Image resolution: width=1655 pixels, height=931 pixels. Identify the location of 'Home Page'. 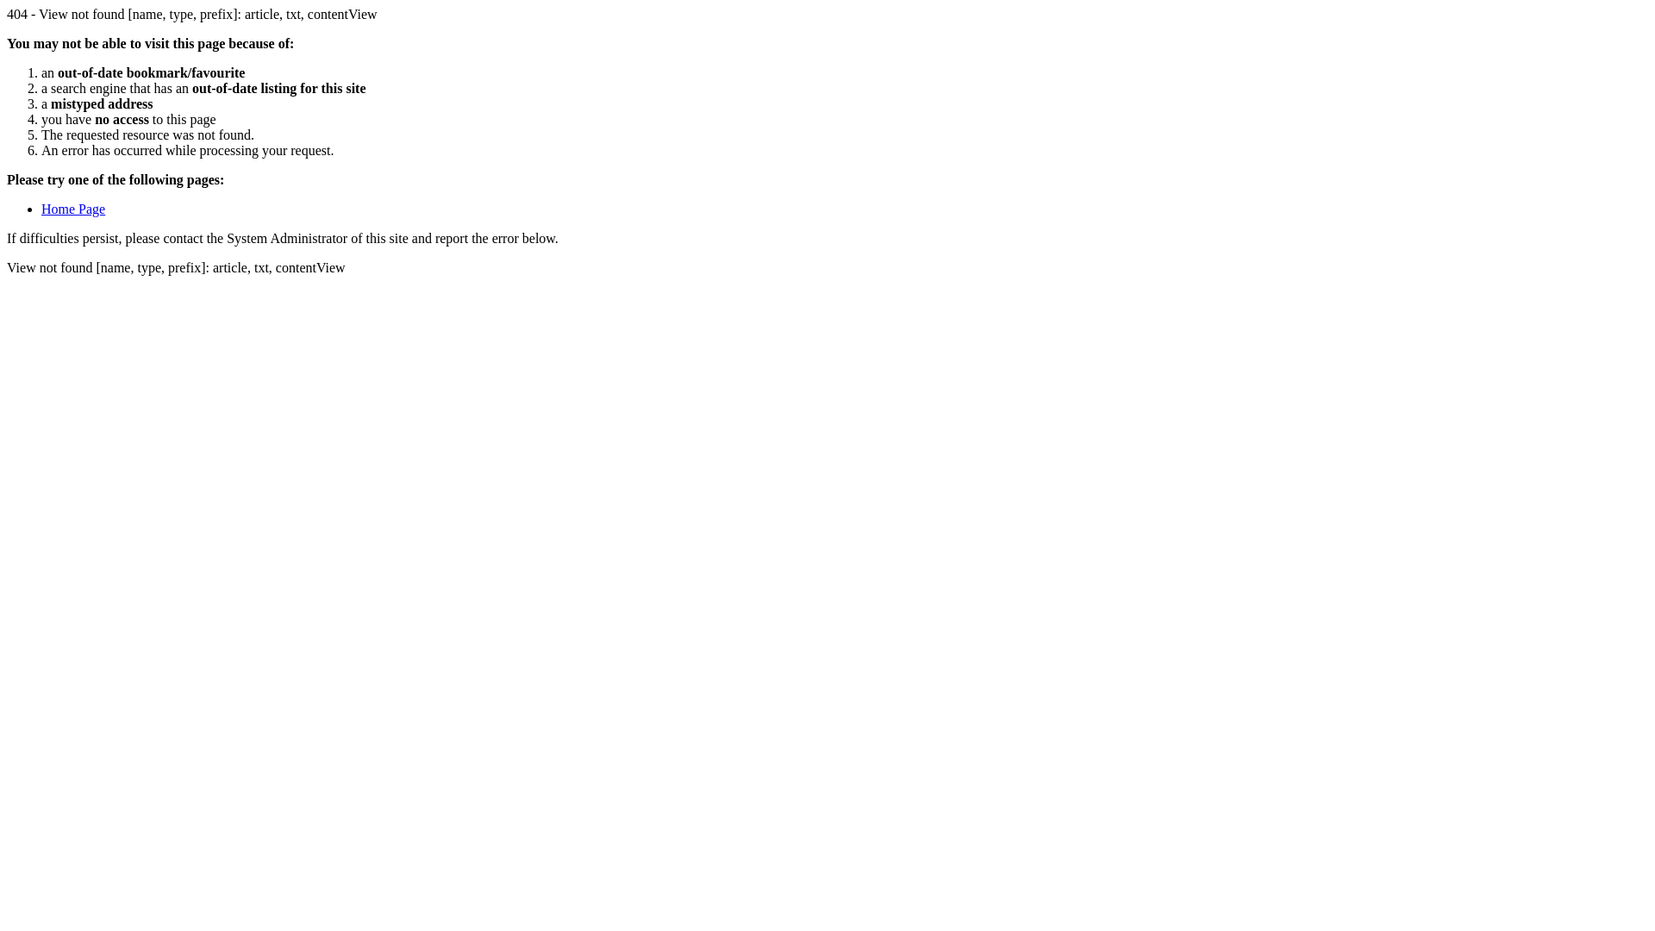
(72, 208).